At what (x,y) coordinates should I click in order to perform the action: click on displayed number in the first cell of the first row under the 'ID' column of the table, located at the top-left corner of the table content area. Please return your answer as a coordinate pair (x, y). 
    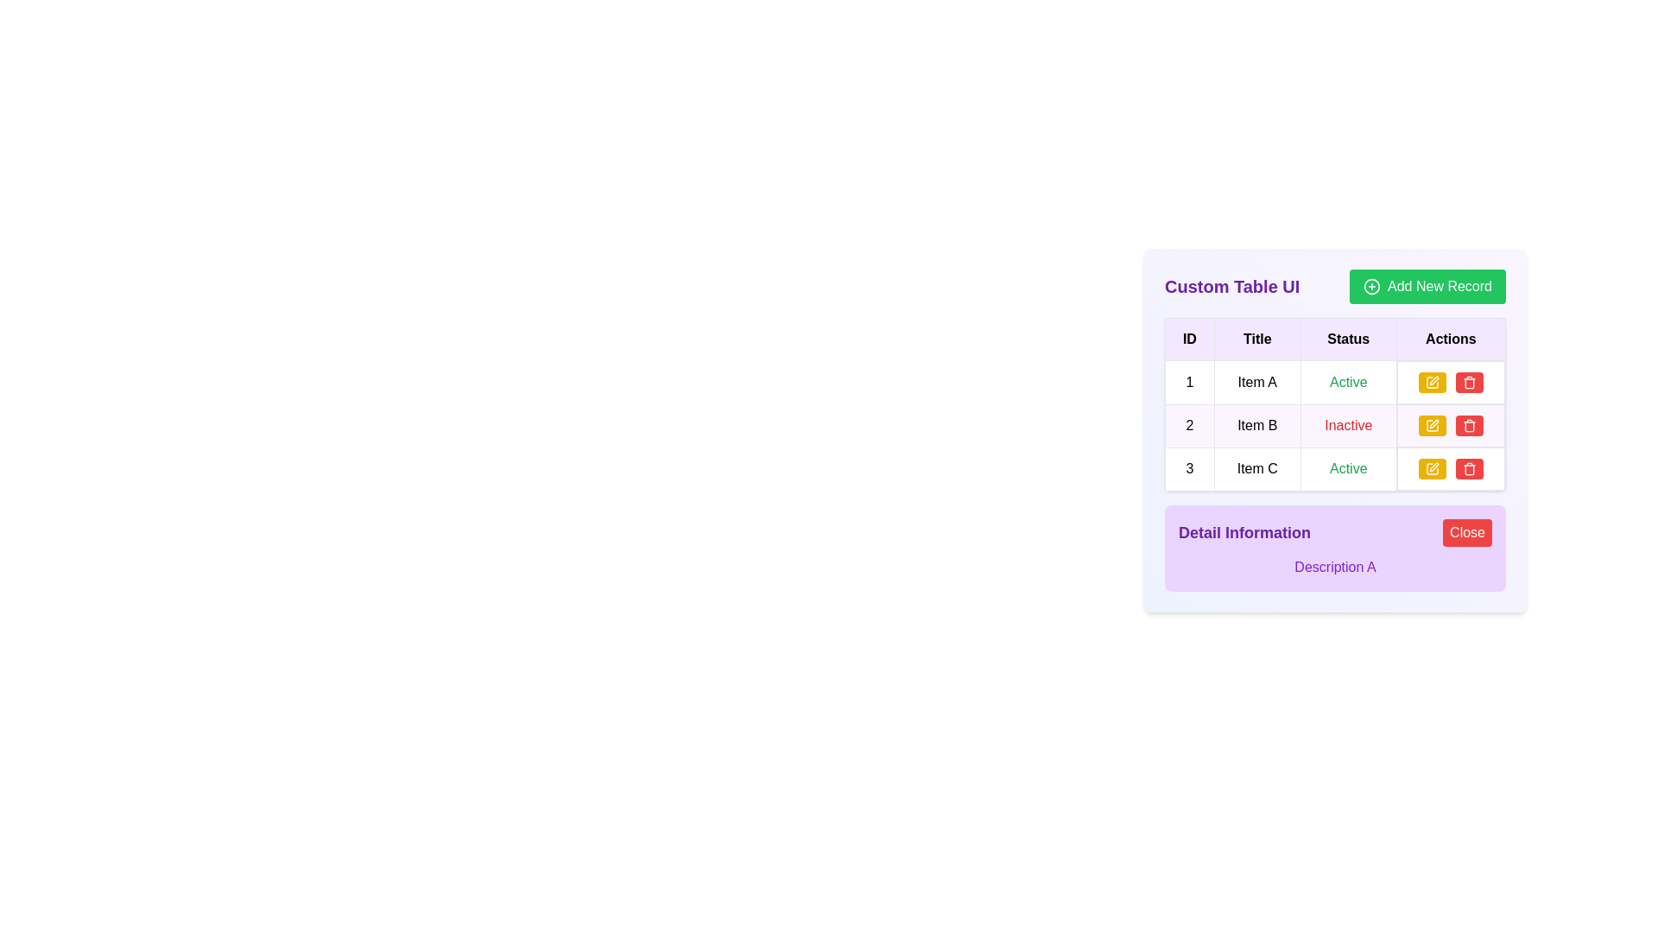
    Looking at the image, I should click on (1188, 381).